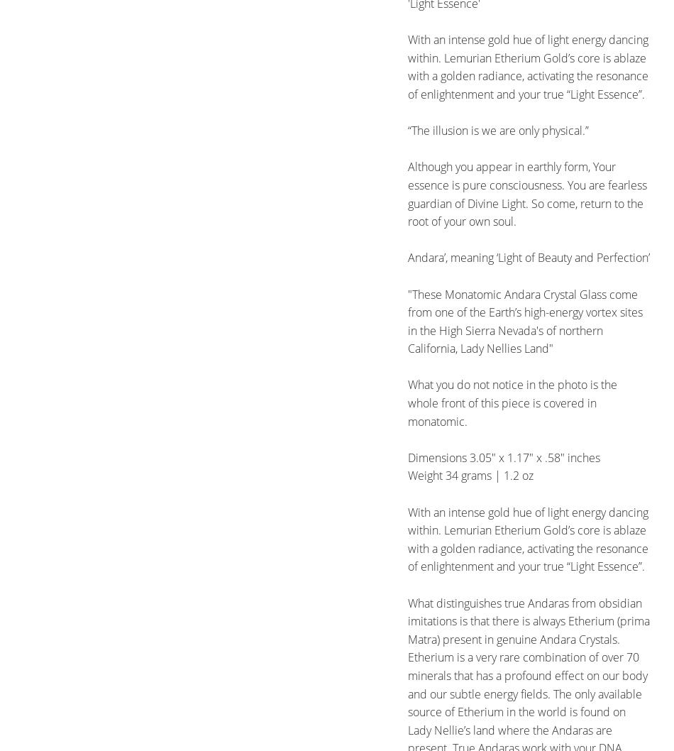  I want to click on '"These Monatomic Andara Crystal Glass come from one of the Earth’s high-energy vortex sites in the High Sierra Nevada's of northern California, Lady Nellies Land"', so click(524, 320).